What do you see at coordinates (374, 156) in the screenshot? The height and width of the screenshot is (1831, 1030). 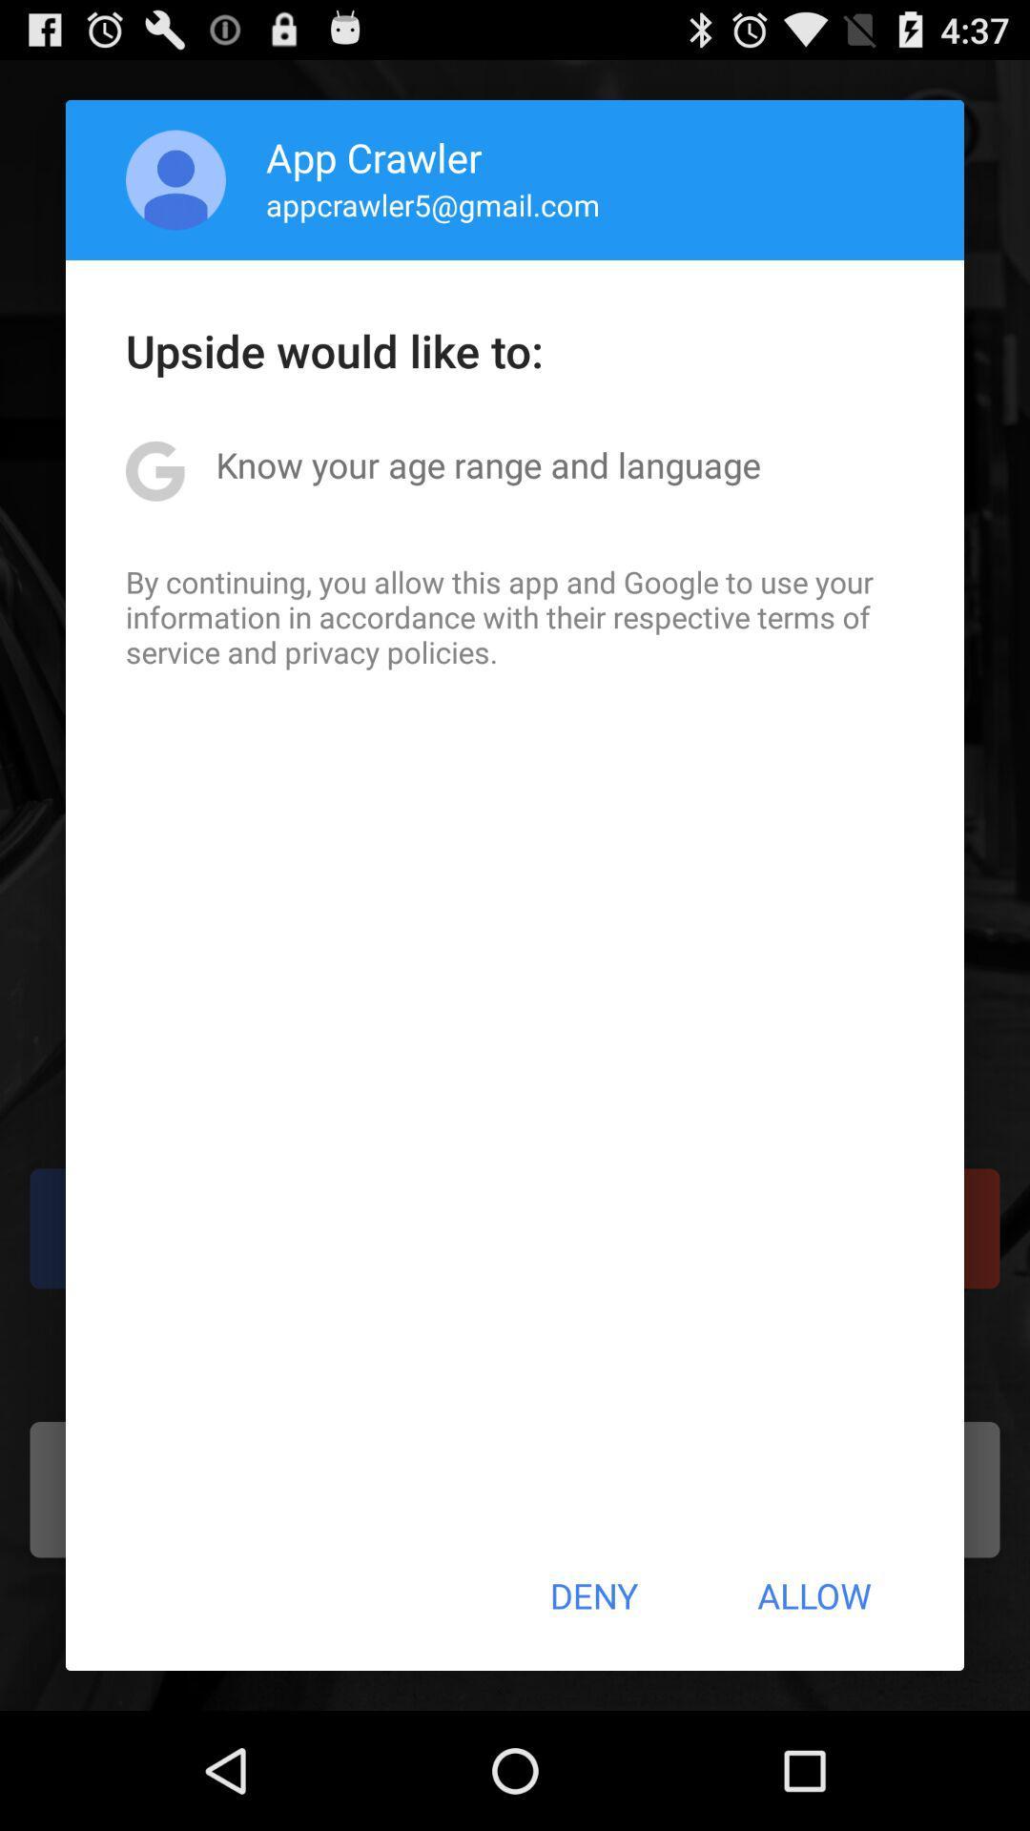 I see `the app above appcrawler5@gmail.com item` at bounding box center [374, 156].